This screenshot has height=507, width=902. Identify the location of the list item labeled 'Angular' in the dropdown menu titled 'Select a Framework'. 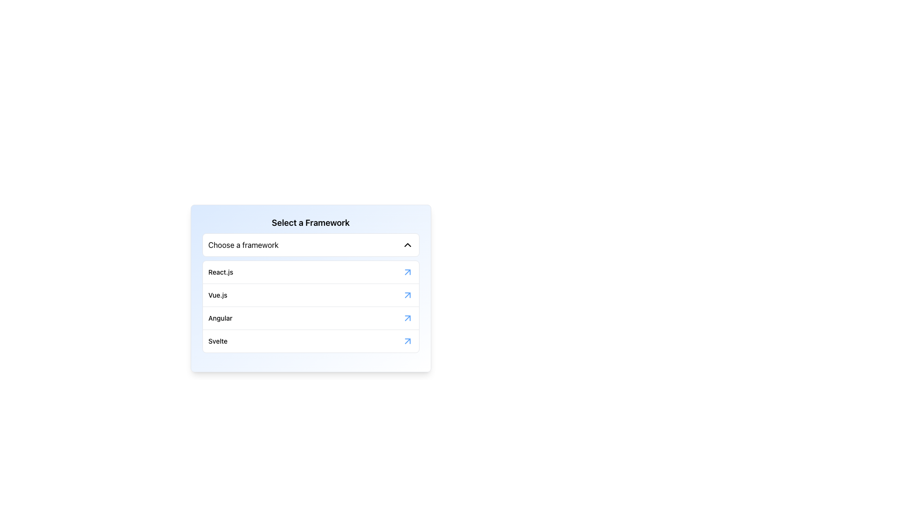
(311, 317).